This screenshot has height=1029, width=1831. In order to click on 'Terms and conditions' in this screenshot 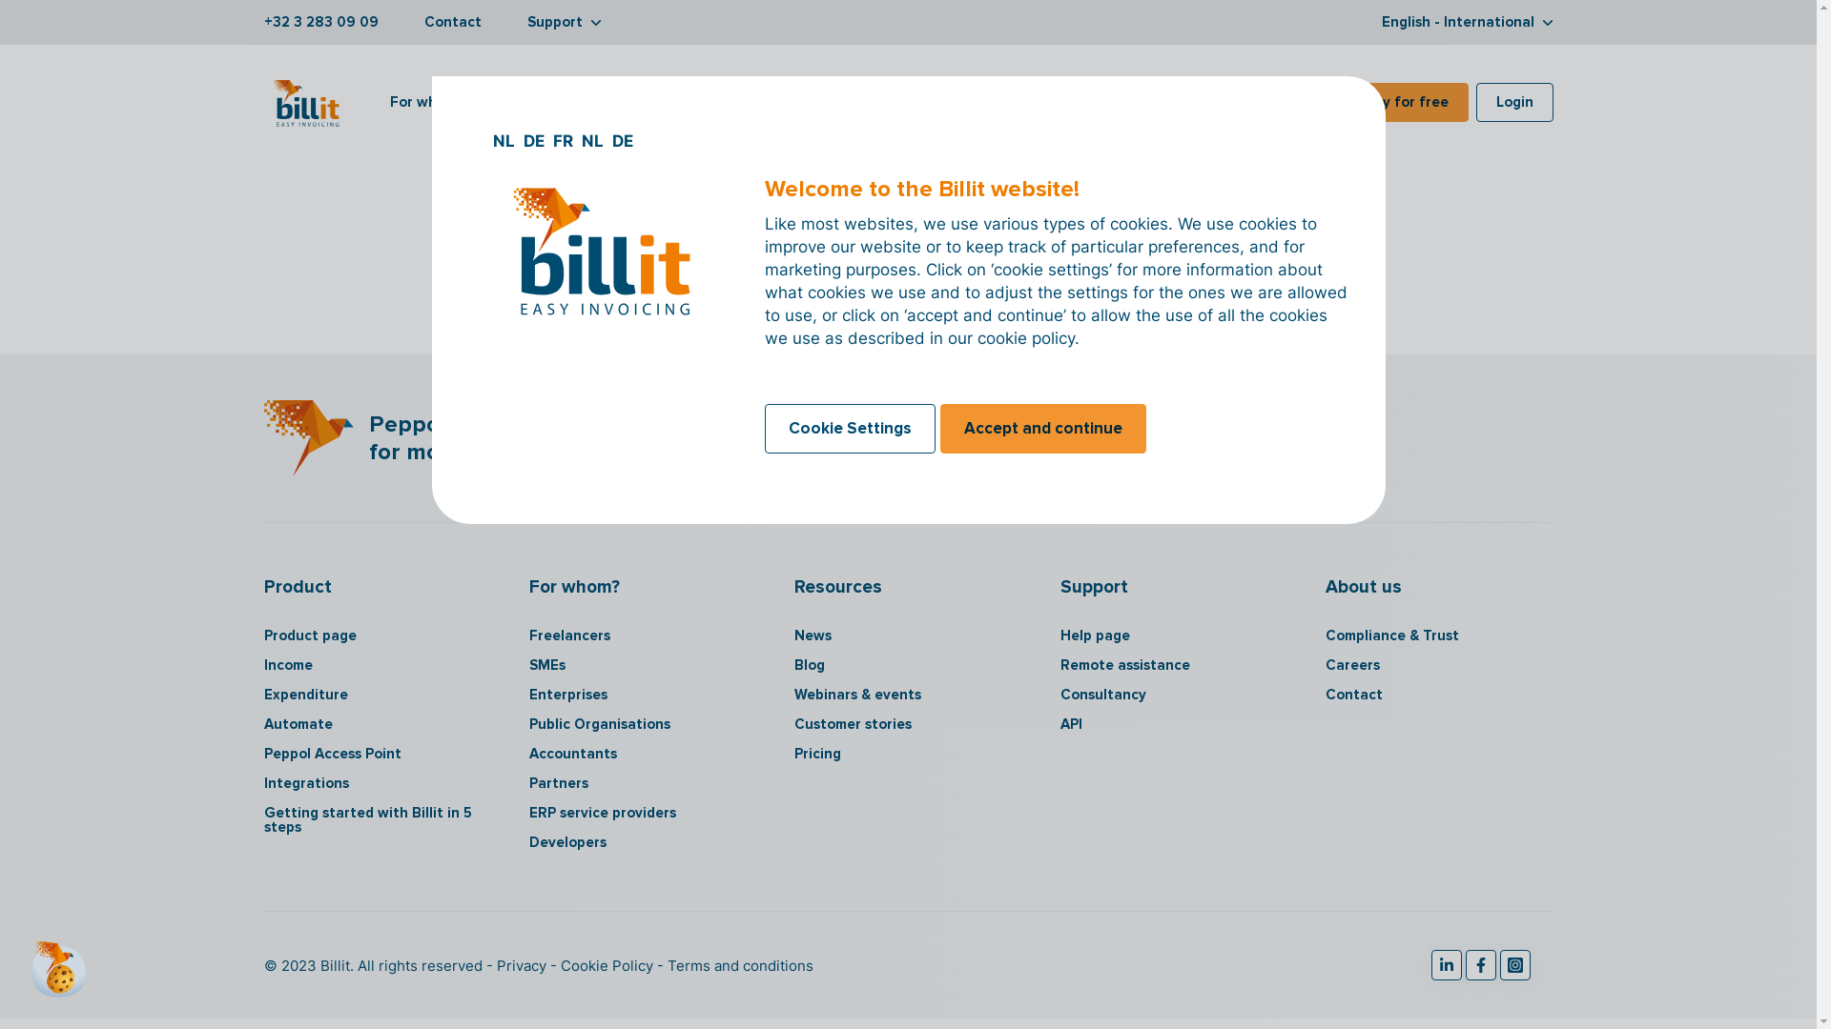, I will do `click(732, 965)`.